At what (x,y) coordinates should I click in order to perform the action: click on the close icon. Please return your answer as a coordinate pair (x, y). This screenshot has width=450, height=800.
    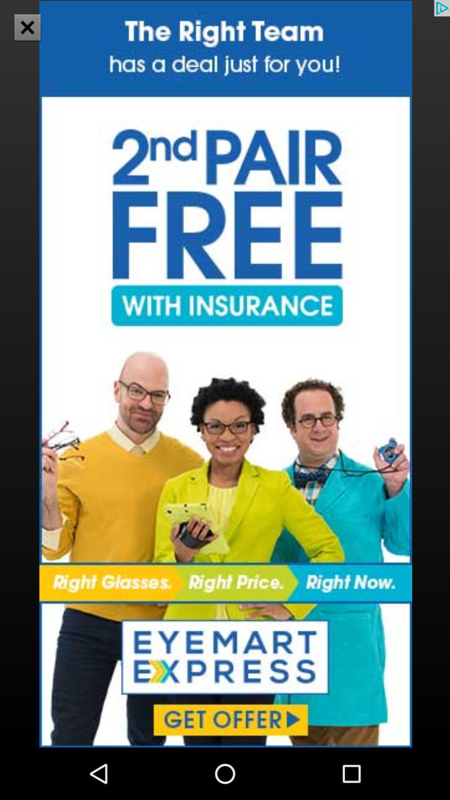
    Looking at the image, I should click on (27, 29).